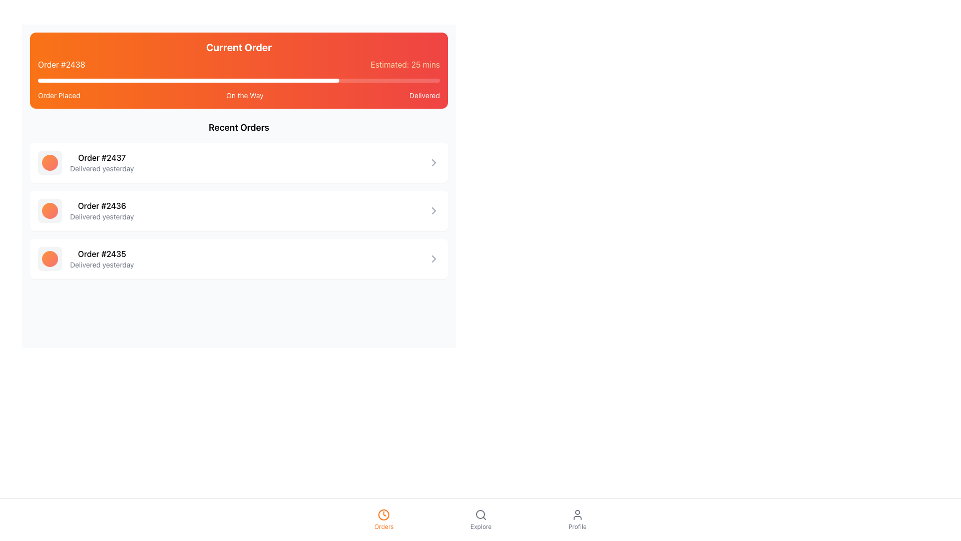  I want to click on the Progress tracker element that displays the current order's progress with order ID 'Order #2438' and estimated delivery time 'Estimated: 25 mins', so click(238, 79).